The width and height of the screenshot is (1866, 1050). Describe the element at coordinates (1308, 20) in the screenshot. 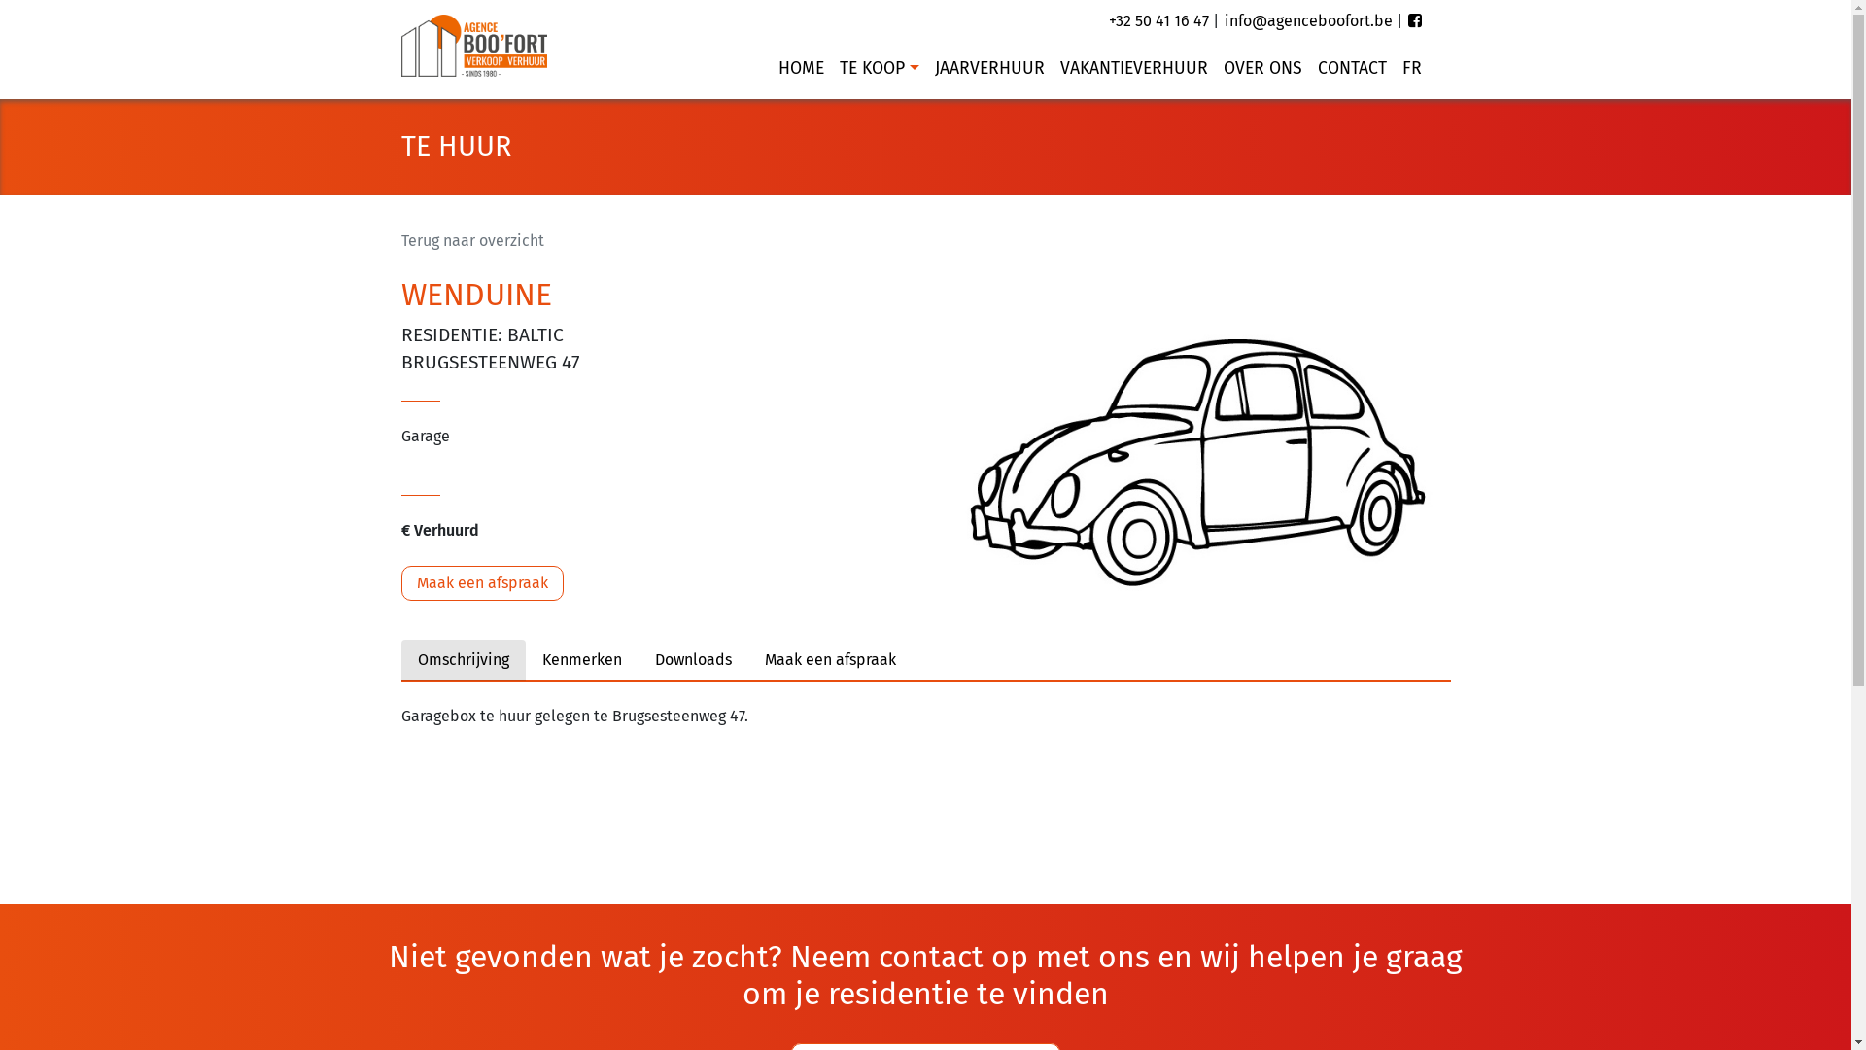

I see `'info@agenceboofort.be'` at that location.